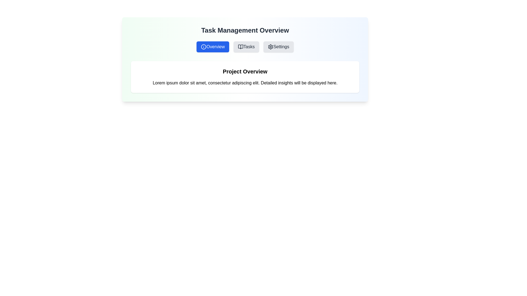 This screenshot has width=527, height=296. Describe the element at coordinates (245, 46) in the screenshot. I see `the 'Tasks' button on the horizontal navigation bar located below the title 'Task Management Overview'` at that location.